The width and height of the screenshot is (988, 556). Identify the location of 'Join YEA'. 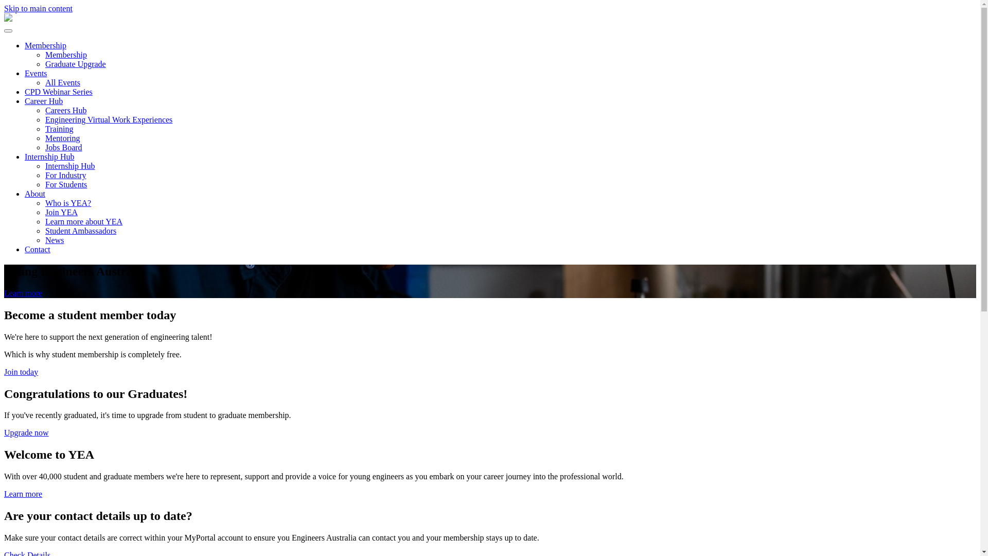
(61, 212).